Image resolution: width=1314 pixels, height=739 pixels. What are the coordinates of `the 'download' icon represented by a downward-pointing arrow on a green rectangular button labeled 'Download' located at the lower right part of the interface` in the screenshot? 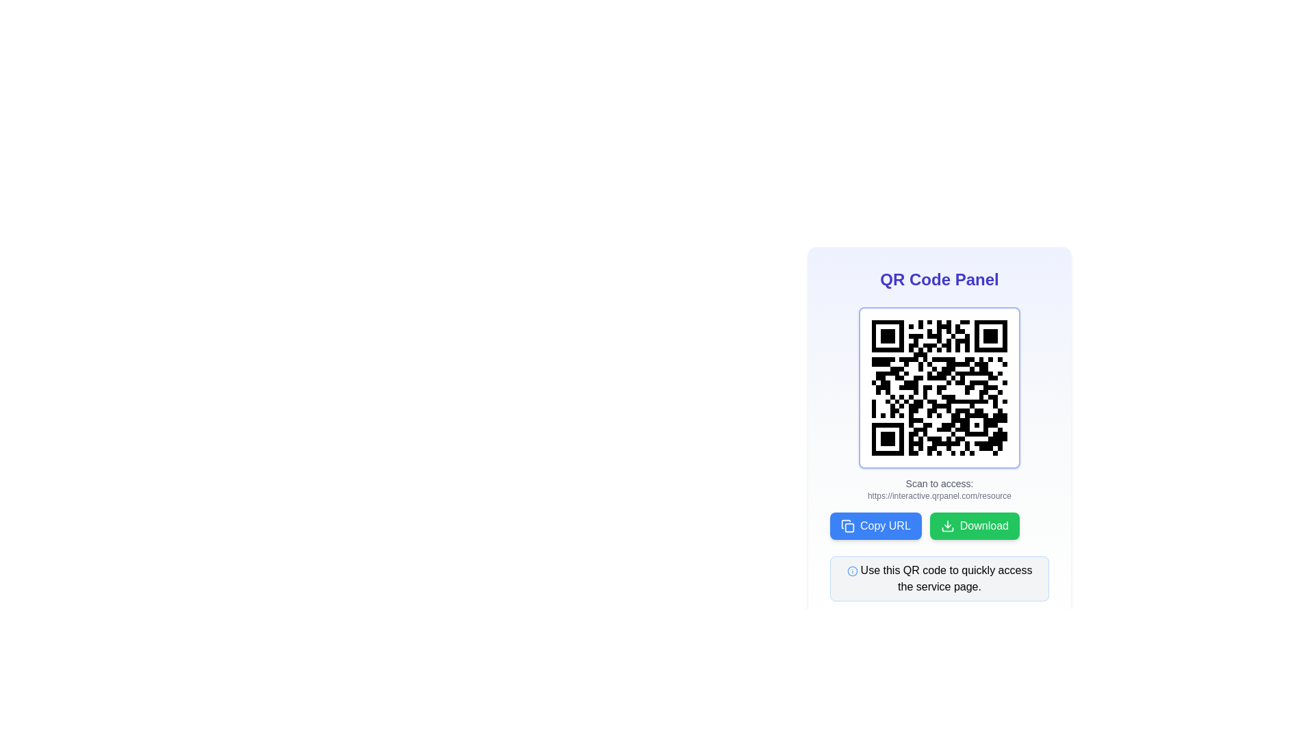 It's located at (946, 525).